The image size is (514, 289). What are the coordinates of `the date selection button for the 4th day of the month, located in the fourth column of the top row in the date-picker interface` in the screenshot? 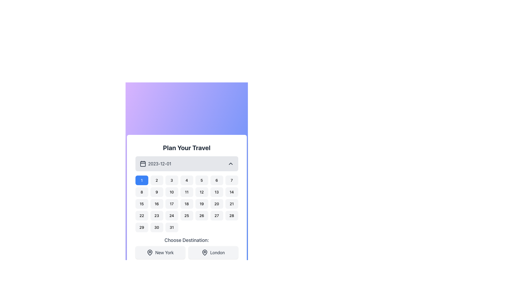 It's located at (187, 180).